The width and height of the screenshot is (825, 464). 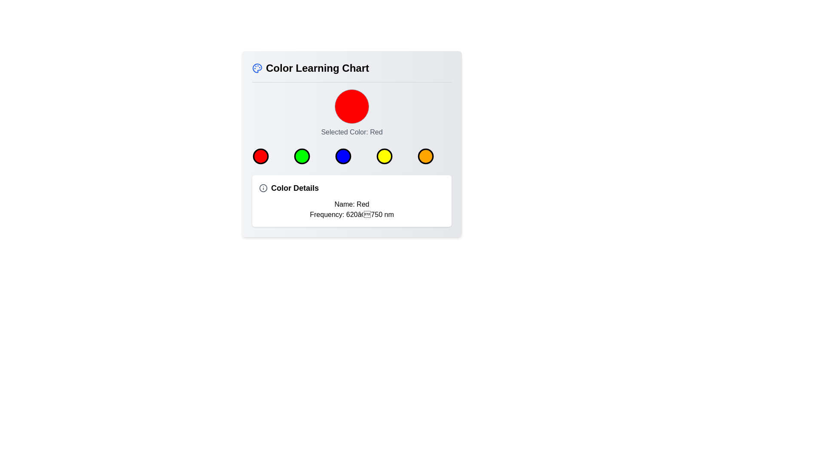 What do you see at coordinates (263, 188) in the screenshot?
I see `the SVG Circle that is part of the informational icon near the title 'Color Learning Chart'` at bounding box center [263, 188].